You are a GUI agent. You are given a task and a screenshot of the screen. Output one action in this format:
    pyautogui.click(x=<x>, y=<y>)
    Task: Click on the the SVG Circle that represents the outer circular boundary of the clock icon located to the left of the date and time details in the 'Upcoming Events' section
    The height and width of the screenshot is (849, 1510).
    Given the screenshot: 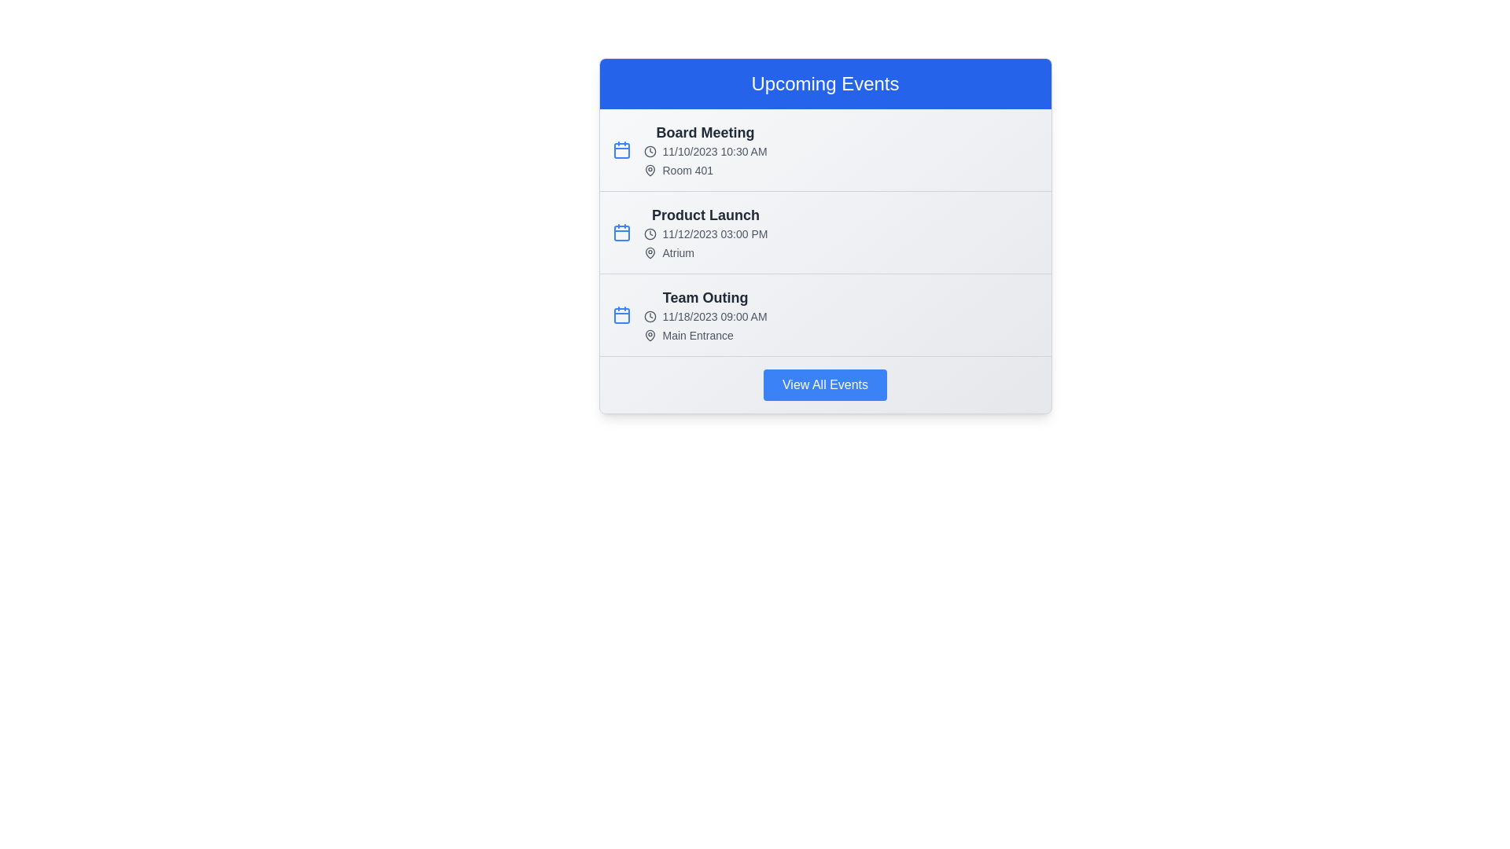 What is the action you would take?
    pyautogui.click(x=650, y=316)
    